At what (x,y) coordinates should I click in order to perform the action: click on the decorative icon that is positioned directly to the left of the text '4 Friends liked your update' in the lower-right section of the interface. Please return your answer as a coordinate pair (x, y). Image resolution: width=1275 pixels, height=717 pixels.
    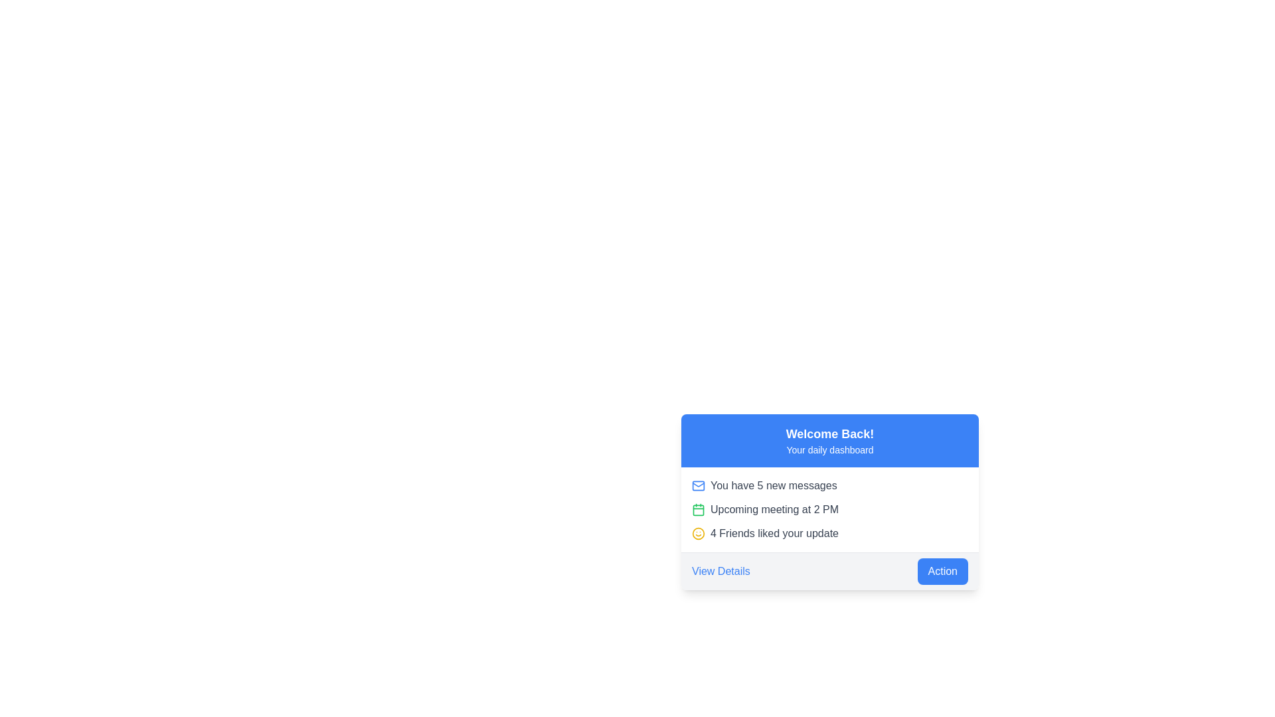
    Looking at the image, I should click on (697, 532).